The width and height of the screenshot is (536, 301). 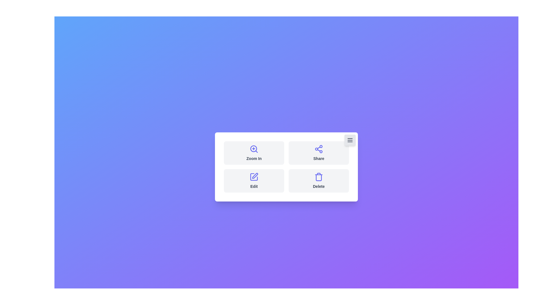 What do you see at coordinates (319, 181) in the screenshot?
I see `the 'Delete' button to trigger its functionality` at bounding box center [319, 181].